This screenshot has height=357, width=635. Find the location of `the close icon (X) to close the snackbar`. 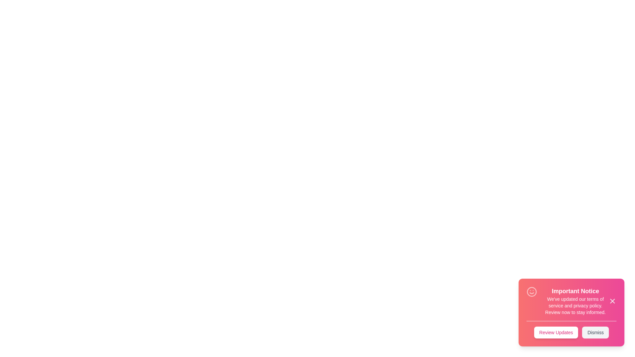

the close icon (X) to close the snackbar is located at coordinates (612, 301).